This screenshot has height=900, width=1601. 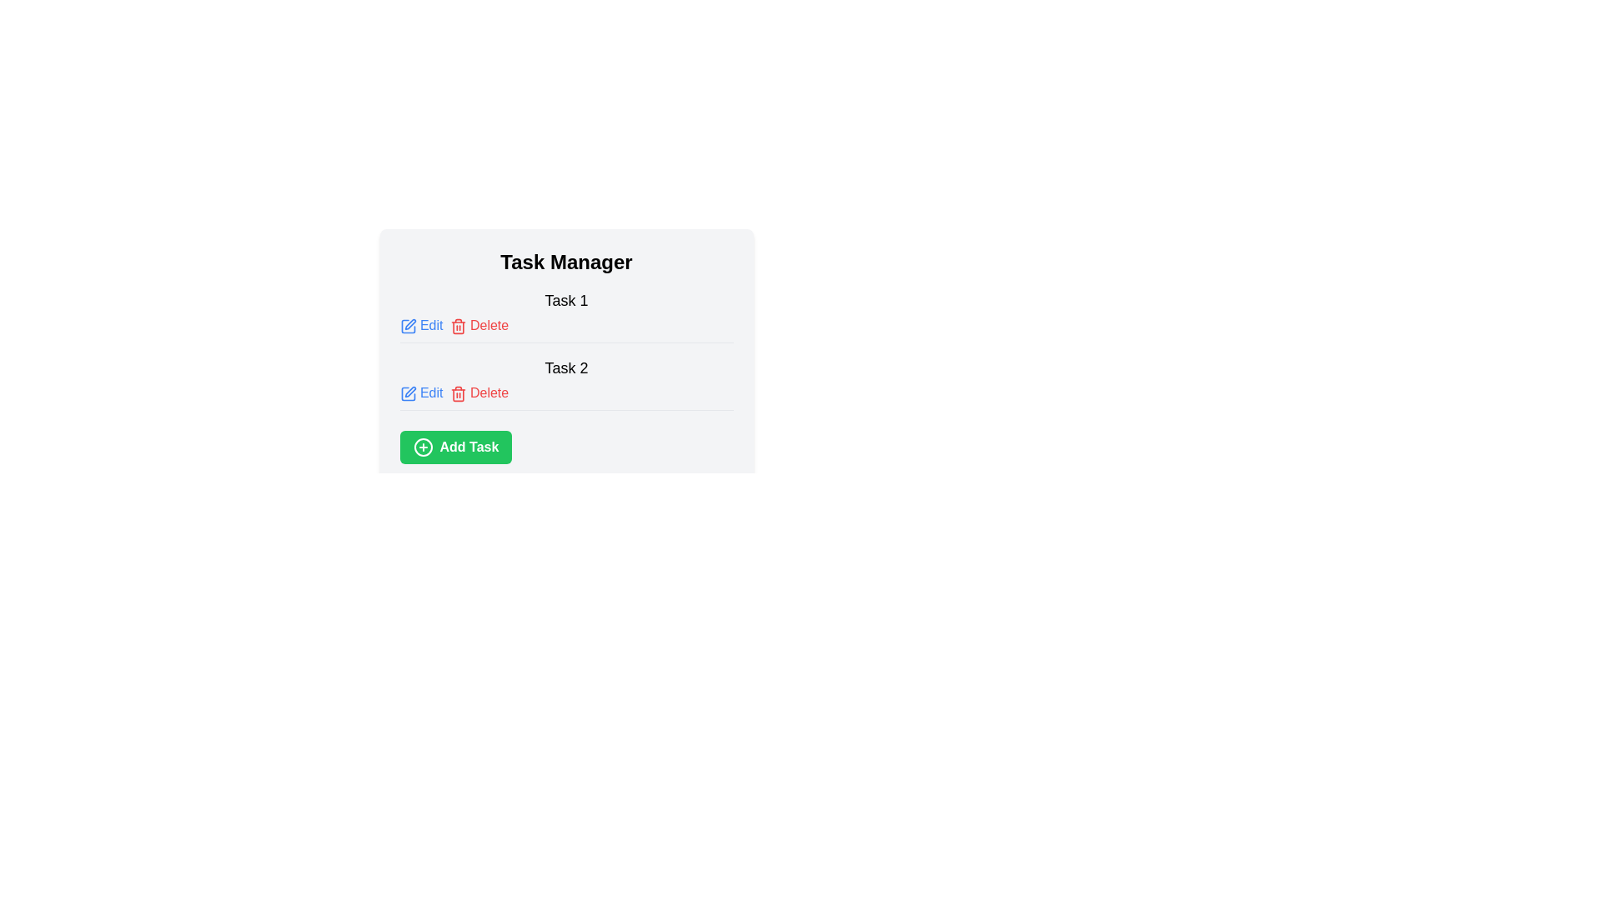 What do you see at coordinates (409, 324) in the screenshot?
I see `the 'Edit' icon, which is represented by a pen overlaying a square in a line-drawing style, located in the first task row next to the 'Delete' button` at bounding box center [409, 324].